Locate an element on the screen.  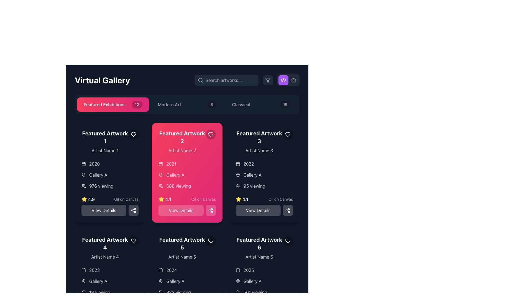
the small calendar icon located within the 'Featured Artwork 4' card, positioned above the text '2023' is located at coordinates (83, 270).